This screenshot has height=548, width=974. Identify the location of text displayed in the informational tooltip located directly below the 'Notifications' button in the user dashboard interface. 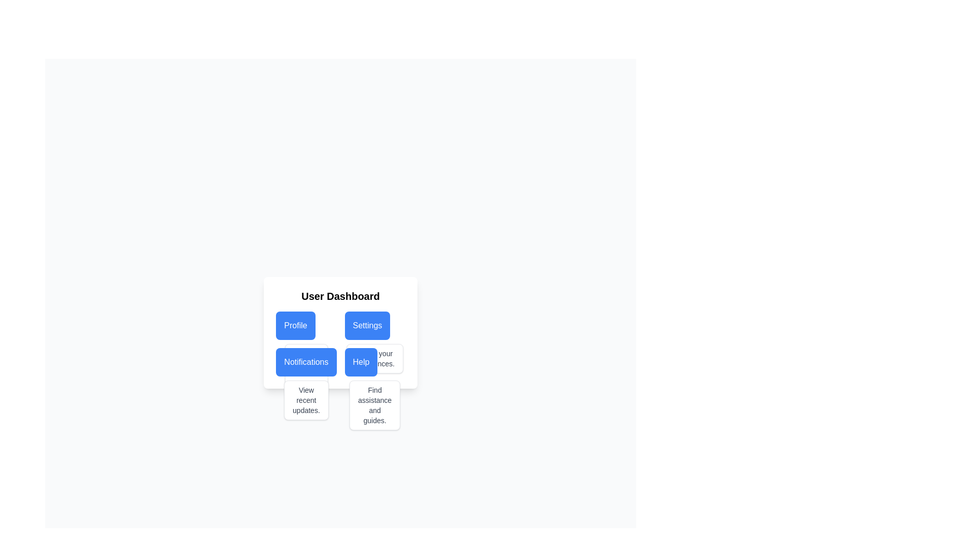
(305, 400).